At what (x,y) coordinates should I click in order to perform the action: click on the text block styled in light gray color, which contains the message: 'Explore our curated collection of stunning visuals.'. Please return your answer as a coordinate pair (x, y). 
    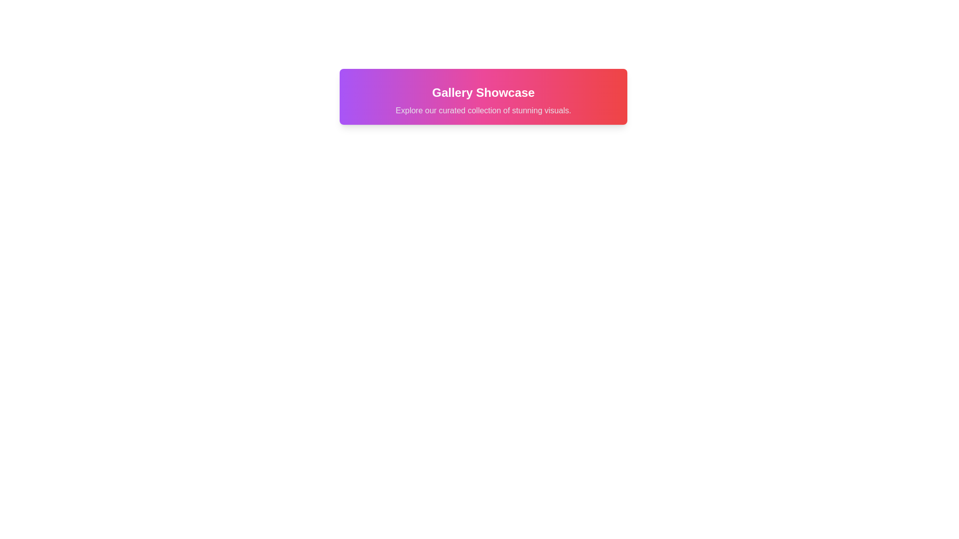
    Looking at the image, I should click on (483, 111).